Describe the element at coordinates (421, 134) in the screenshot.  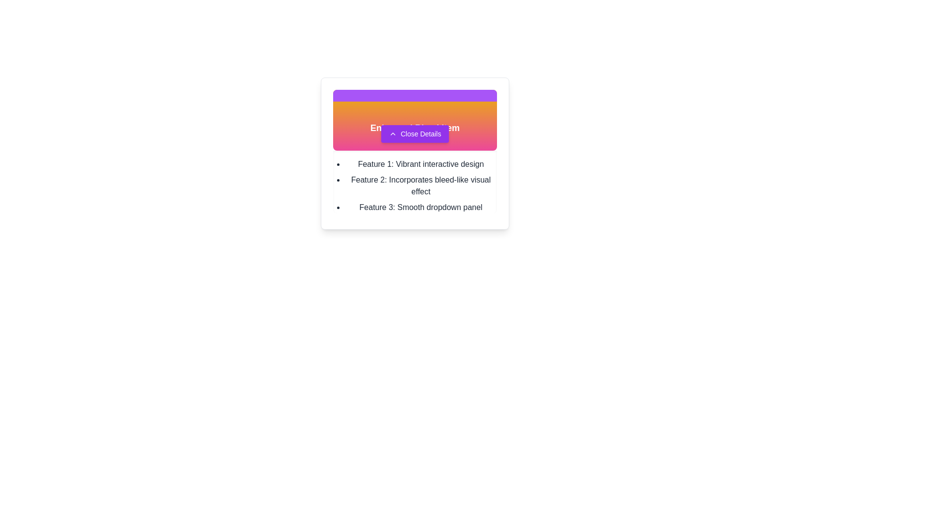
I see `the close button text label located to the right of the arrow icon in the lower part of the purple button on the central card-like component` at that location.